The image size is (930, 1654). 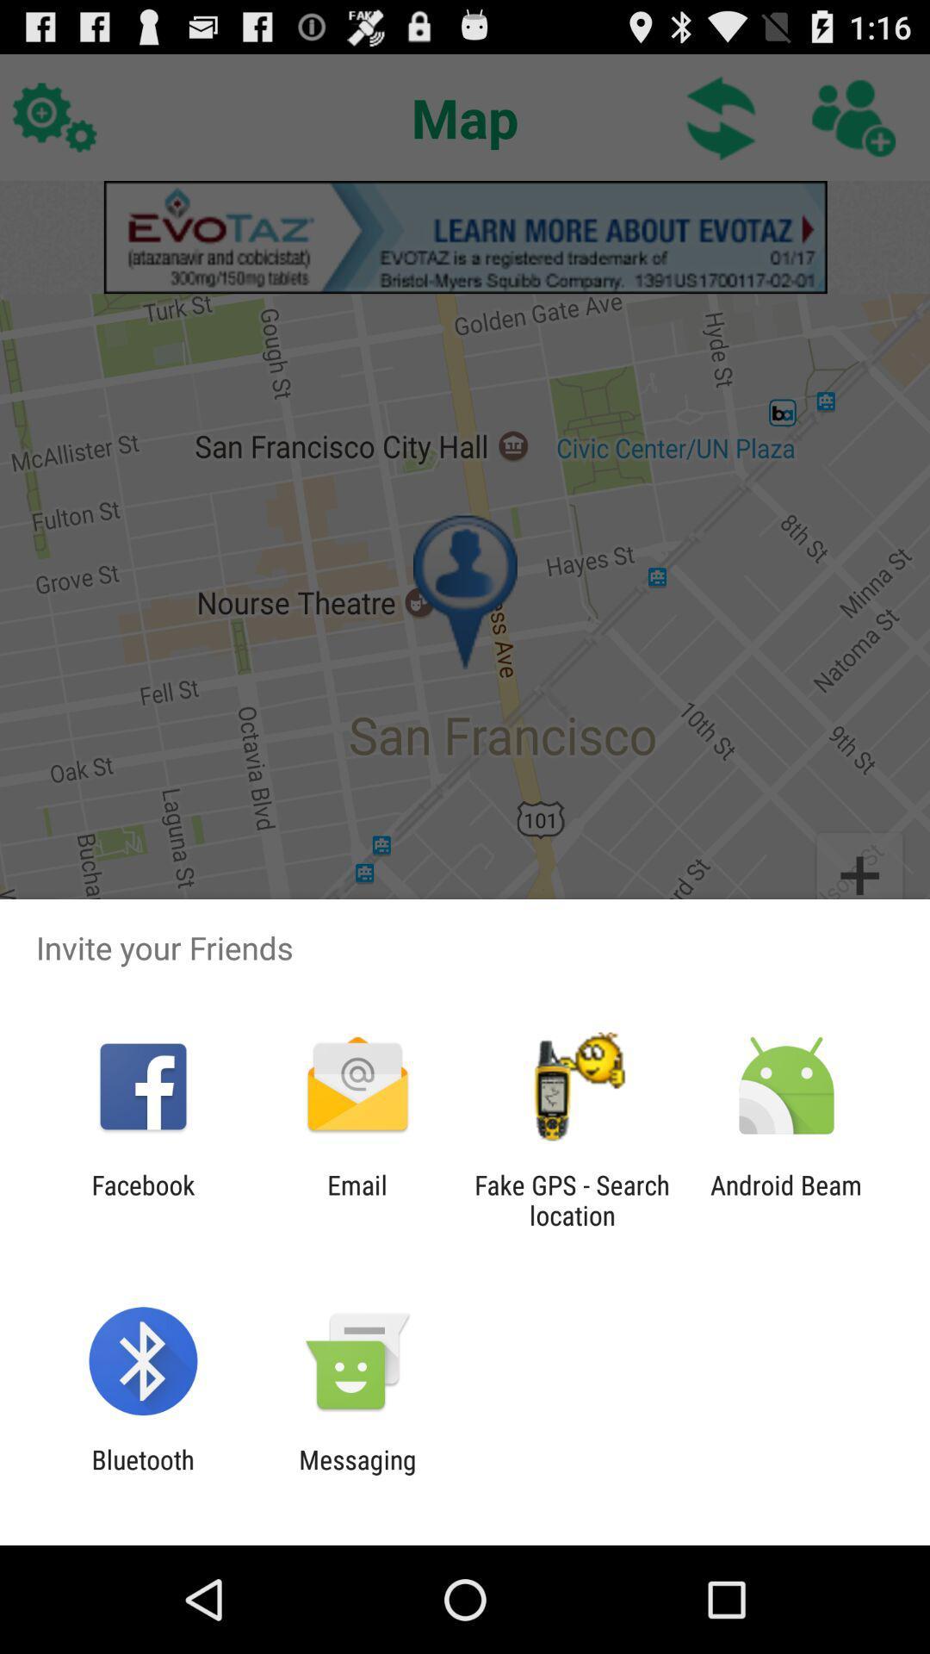 I want to click on the icon to the left of the email item, so click(x=142, y=1199).